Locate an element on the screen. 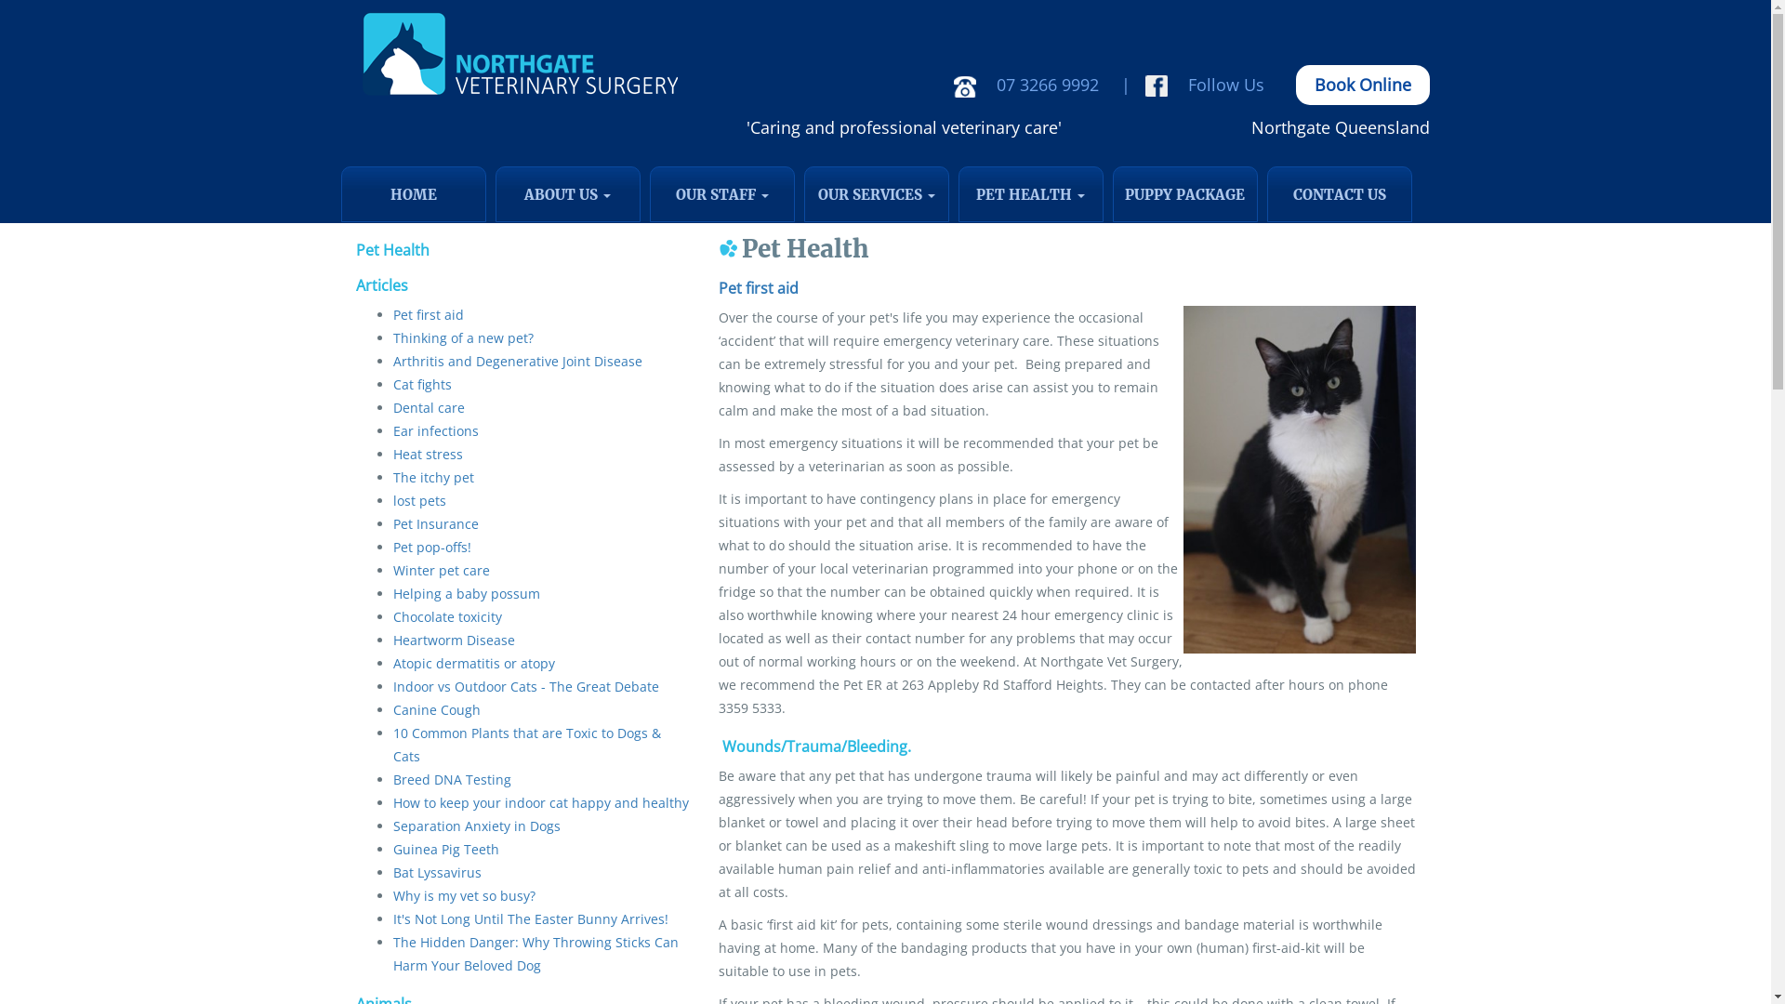 The image size is (1785, 1004). 'Guinea Pig Teeth' is located at coordinates (444, 849).